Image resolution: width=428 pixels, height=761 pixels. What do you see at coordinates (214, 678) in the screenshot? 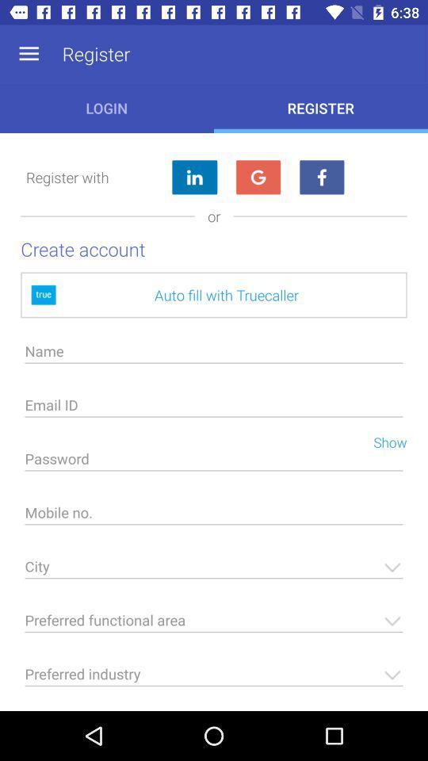
I see `your preferred industry` at bounding box center [214, 678].